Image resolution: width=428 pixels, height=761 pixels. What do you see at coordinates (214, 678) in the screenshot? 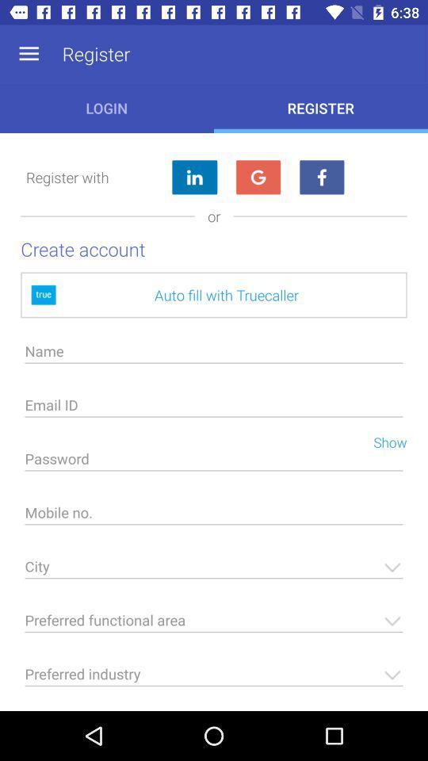
I see `your preferred industry` at bounding box center [214, 678].